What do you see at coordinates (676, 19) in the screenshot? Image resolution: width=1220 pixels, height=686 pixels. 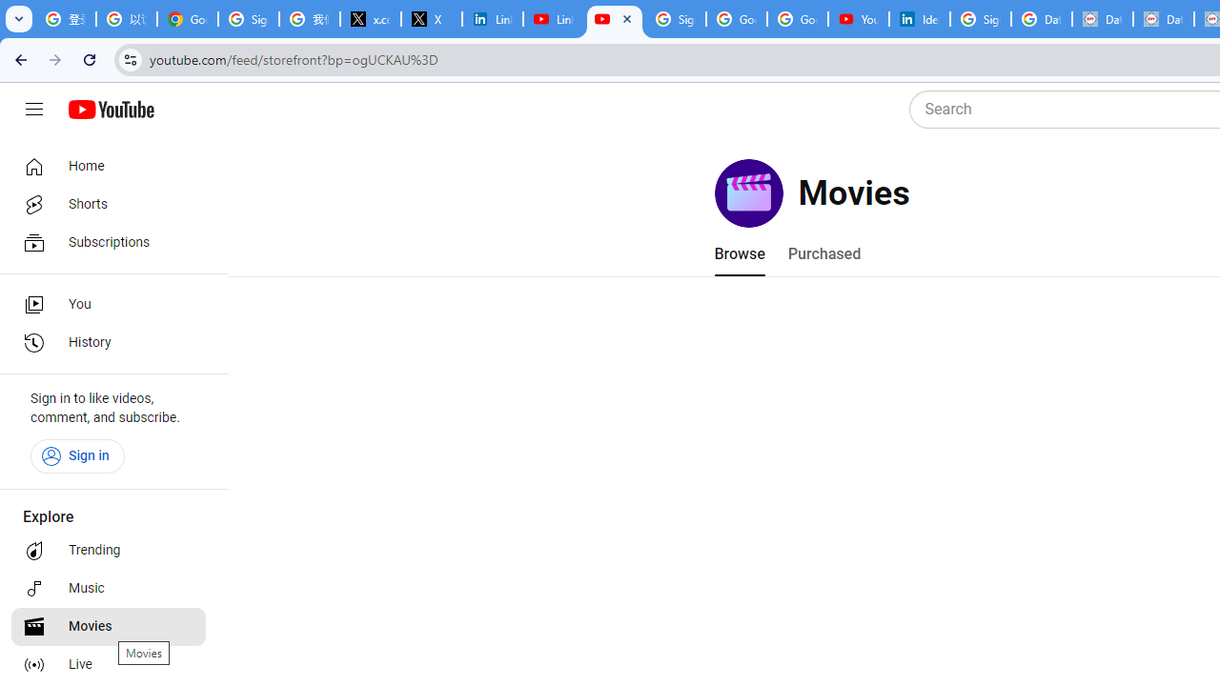 I see `'Sign in - Google Accounts'` at bounding box center [676, 19].